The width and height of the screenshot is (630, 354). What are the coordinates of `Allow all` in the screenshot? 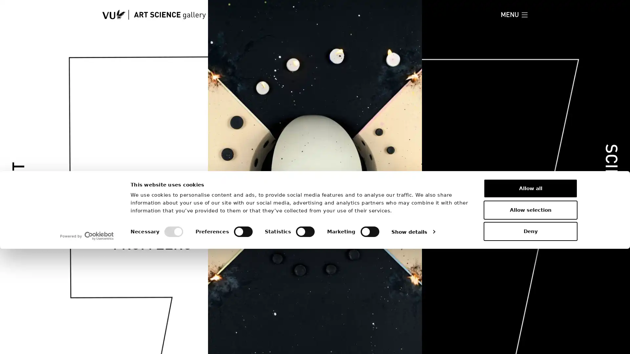 It's located at (531, 293).